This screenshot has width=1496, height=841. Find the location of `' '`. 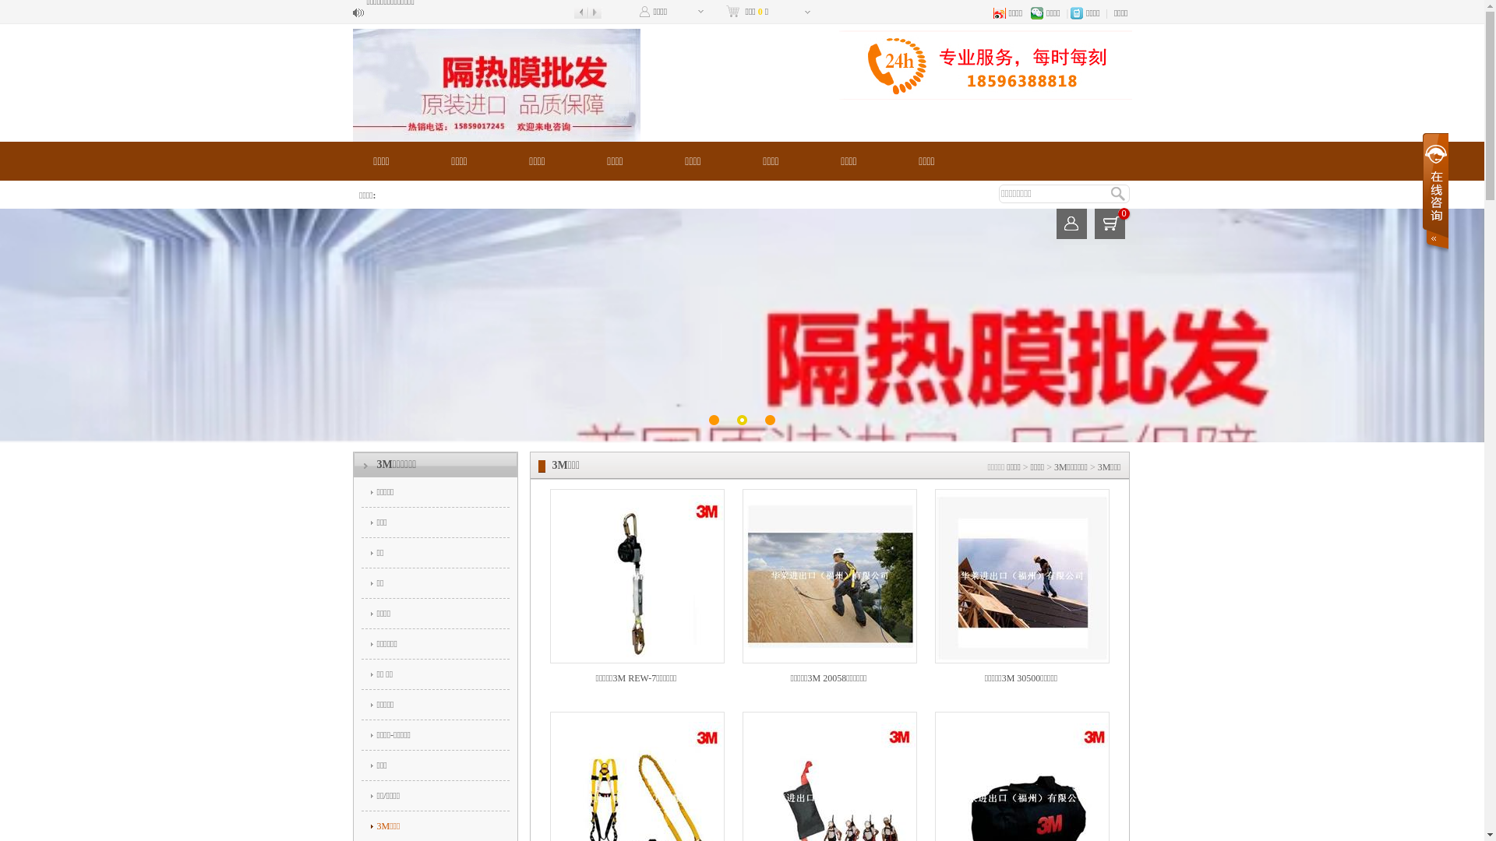

' ' is located at coordinates (1071, 223).